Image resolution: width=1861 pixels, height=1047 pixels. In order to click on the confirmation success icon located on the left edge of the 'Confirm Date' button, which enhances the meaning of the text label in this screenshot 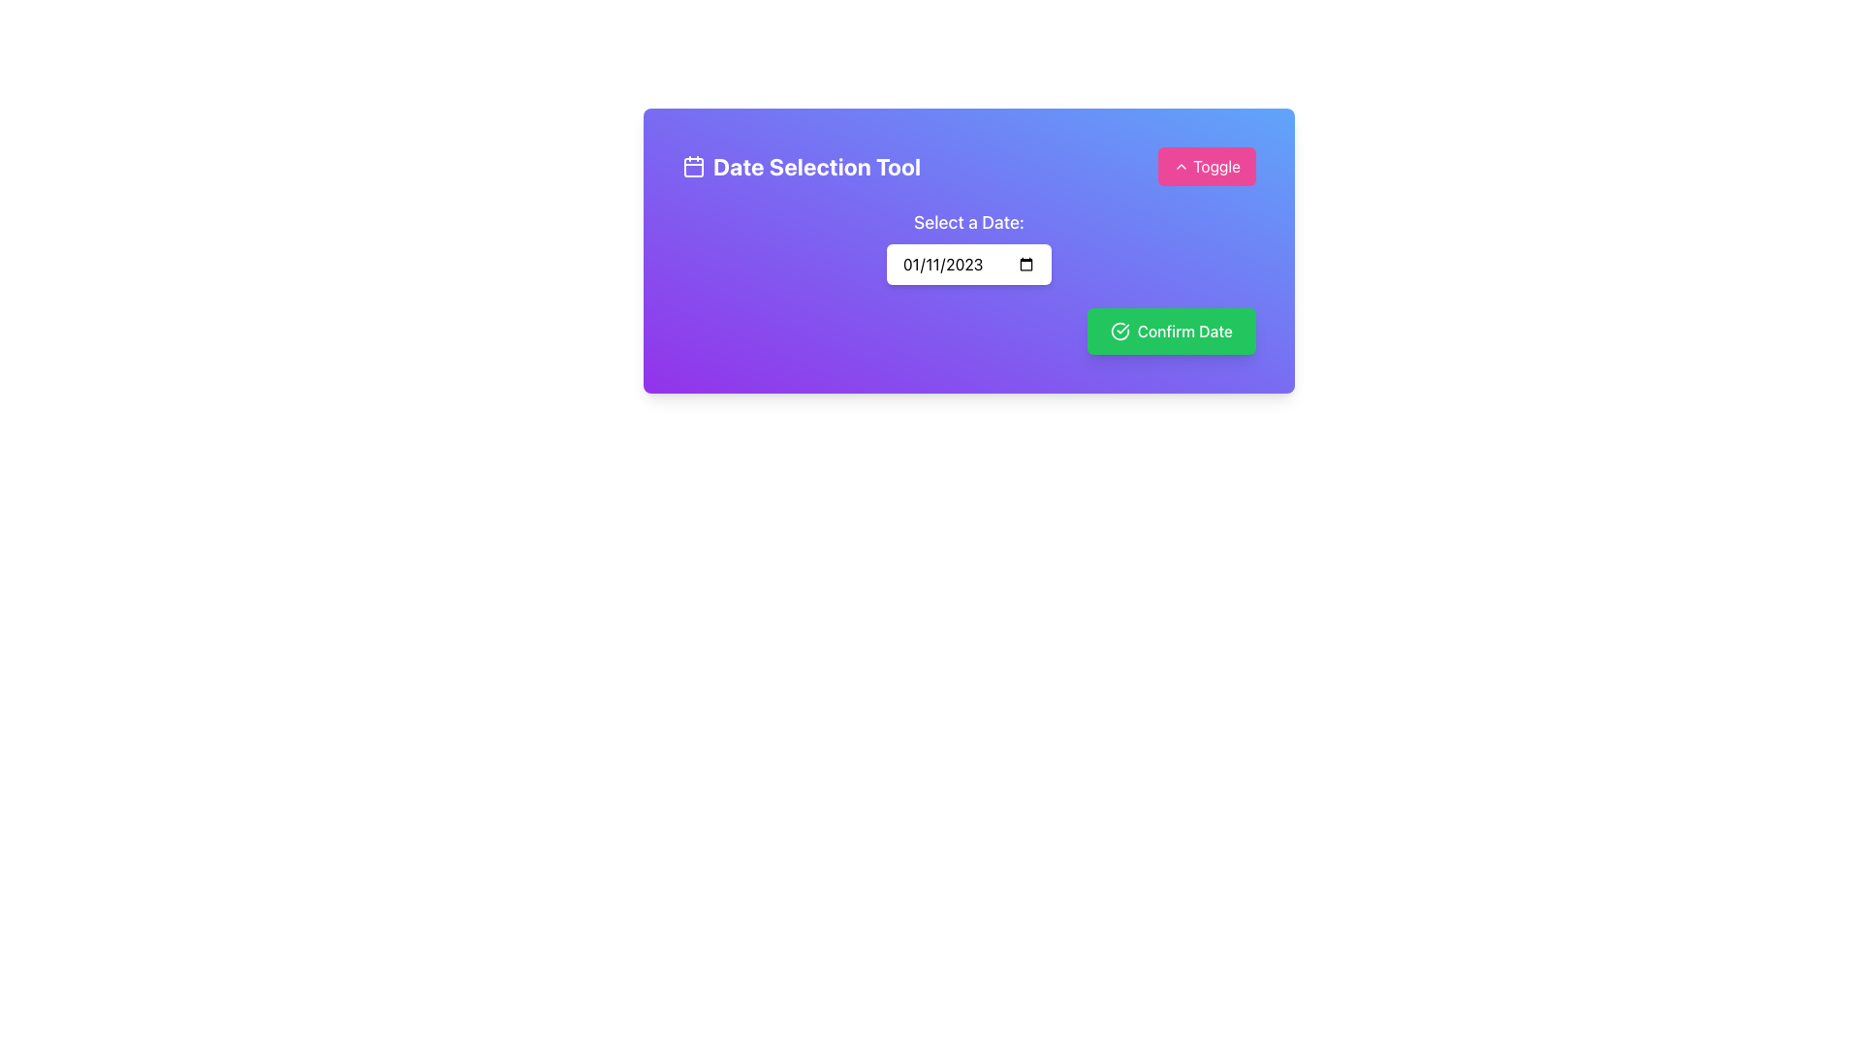, I will do `click(1120, 331)`.